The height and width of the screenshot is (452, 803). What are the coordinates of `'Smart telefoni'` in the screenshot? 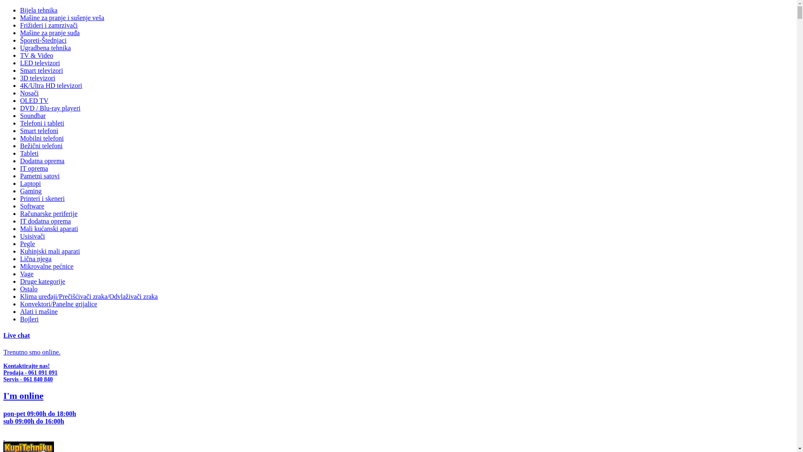 It's located at (38, 131).